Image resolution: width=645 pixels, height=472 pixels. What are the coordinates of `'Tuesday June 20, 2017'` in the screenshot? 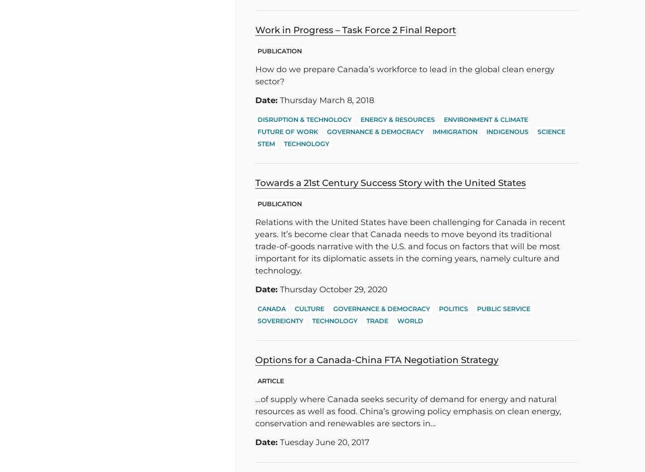 It's located at (323, 442).